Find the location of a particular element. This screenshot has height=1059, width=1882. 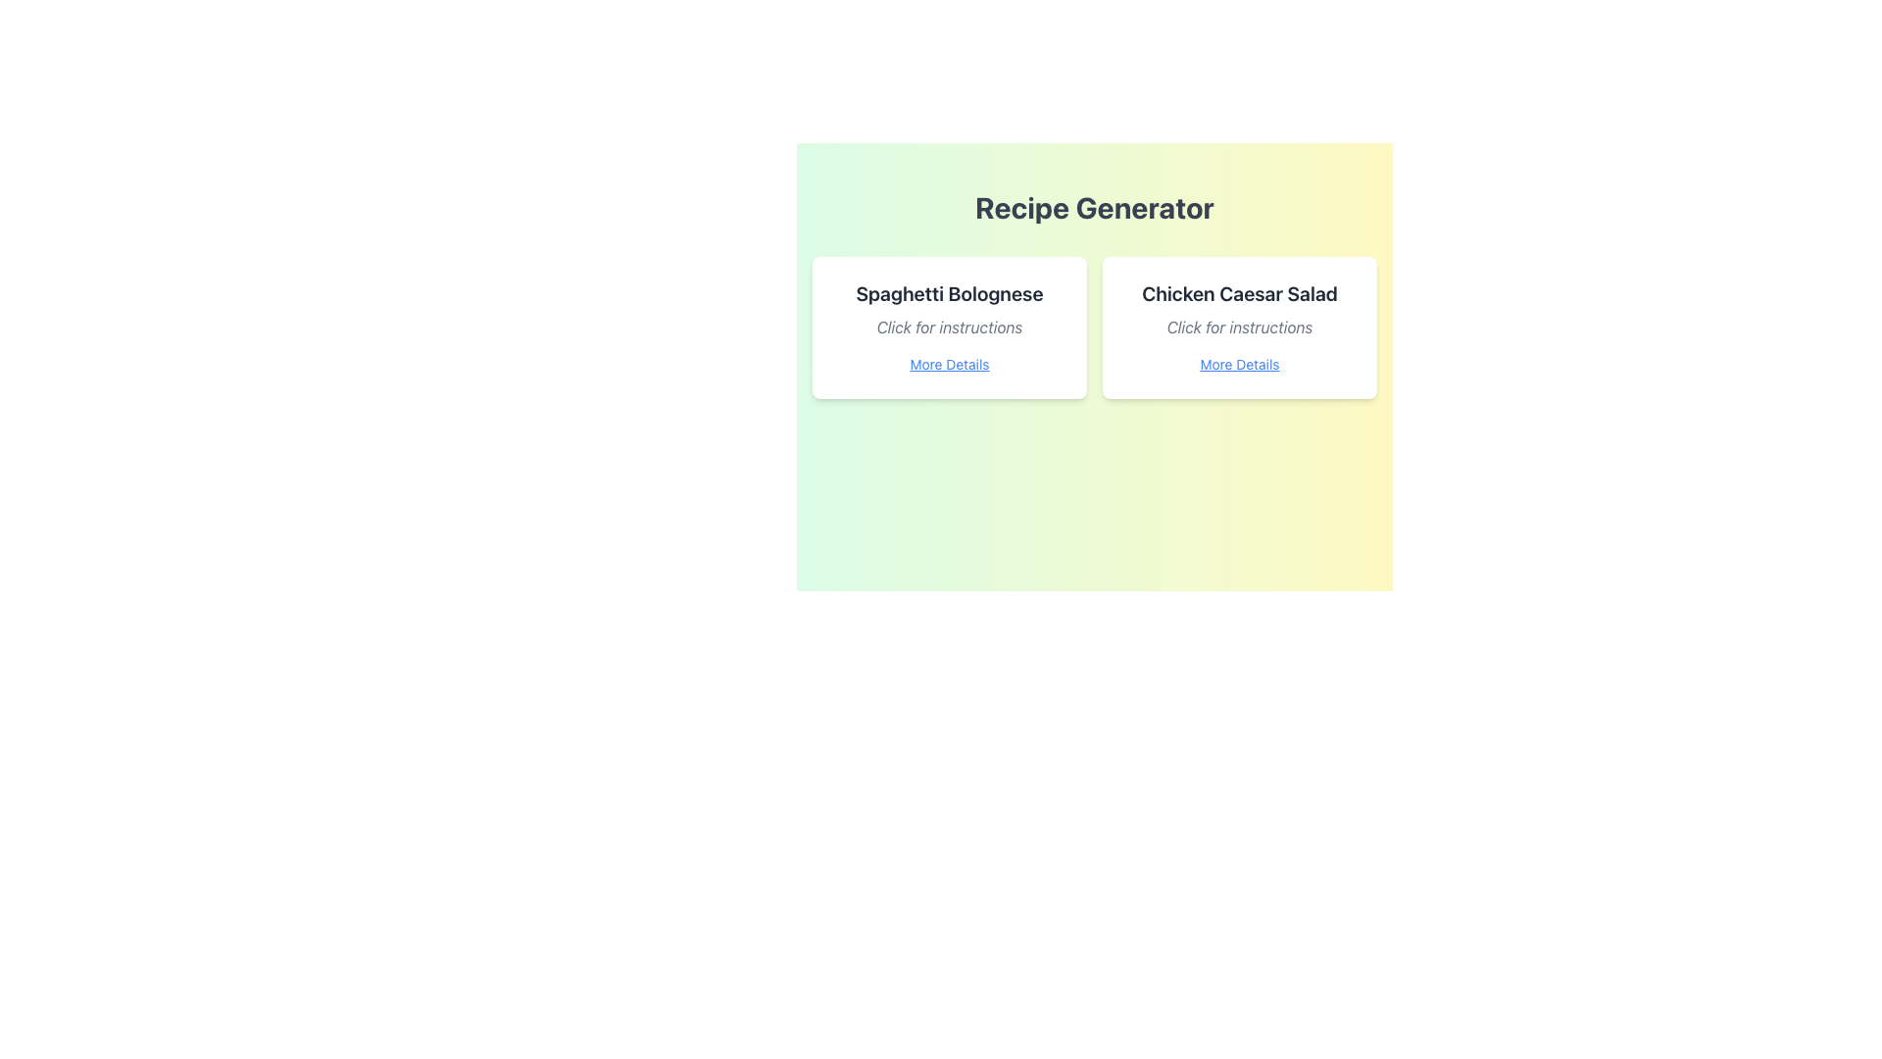

the navigational link related to 'Chicken Caesar Salad' is located at coordinates (1238, 364).